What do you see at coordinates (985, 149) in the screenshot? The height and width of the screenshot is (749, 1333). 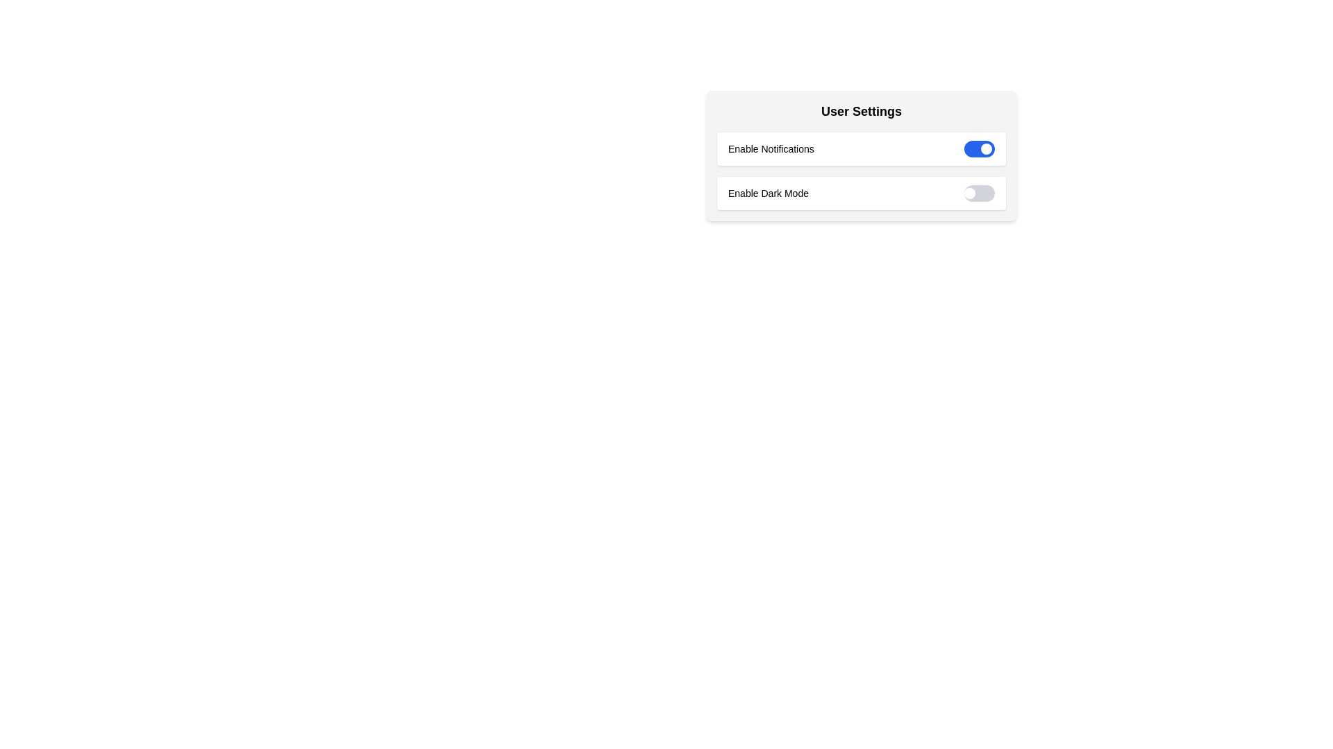 I see `the Toggle Thumb` at bounding box center [985, 149].